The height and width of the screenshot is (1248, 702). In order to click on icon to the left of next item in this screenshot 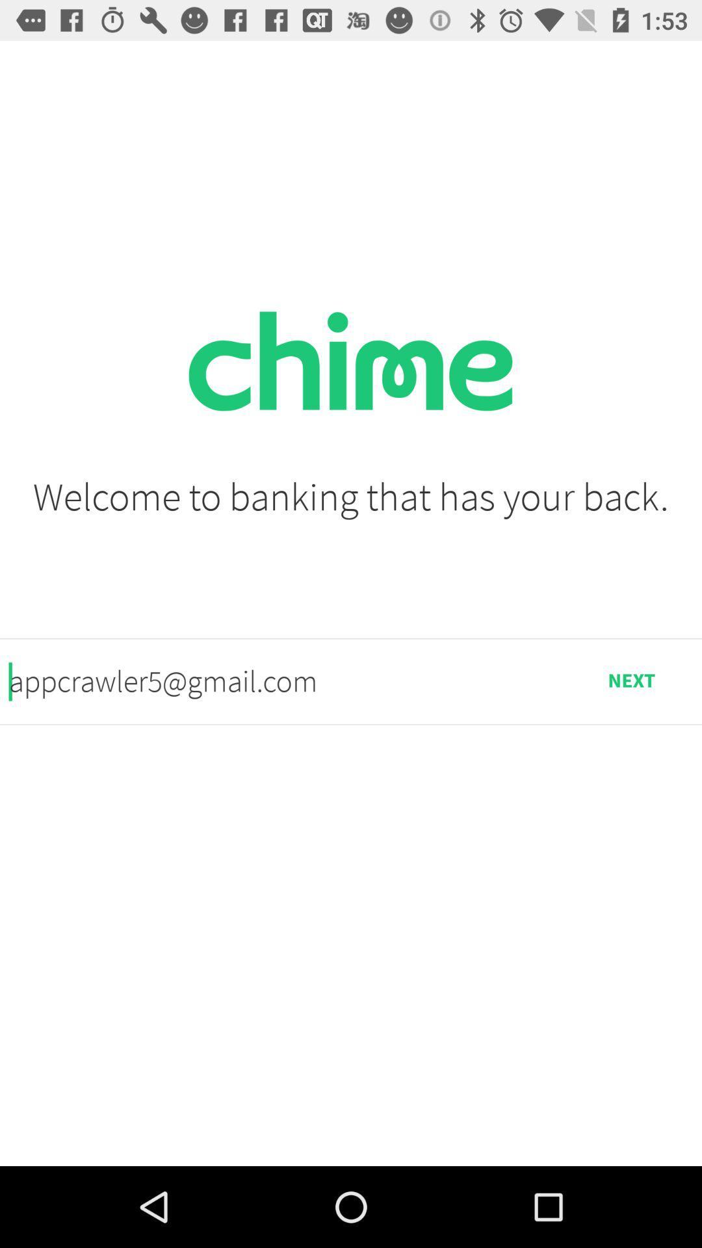, I will do `click(284, 681)`.